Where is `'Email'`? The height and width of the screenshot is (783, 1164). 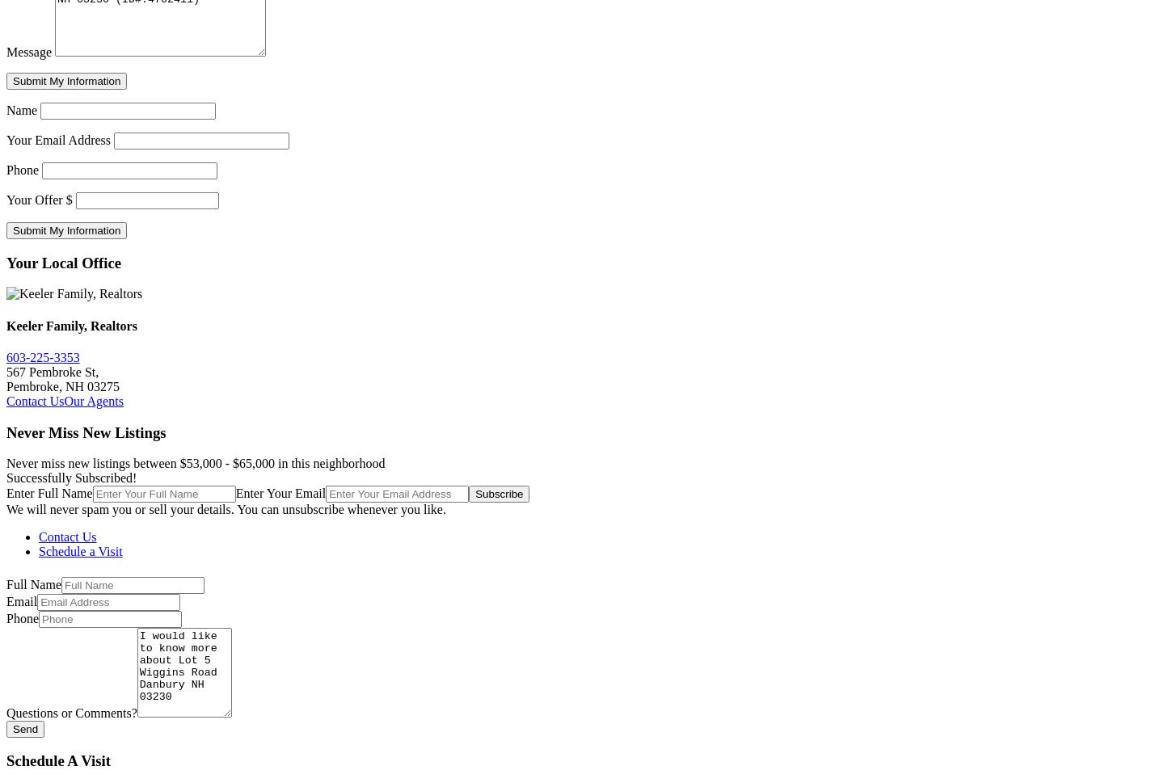
'Email' is located at coordinates (20, 600).